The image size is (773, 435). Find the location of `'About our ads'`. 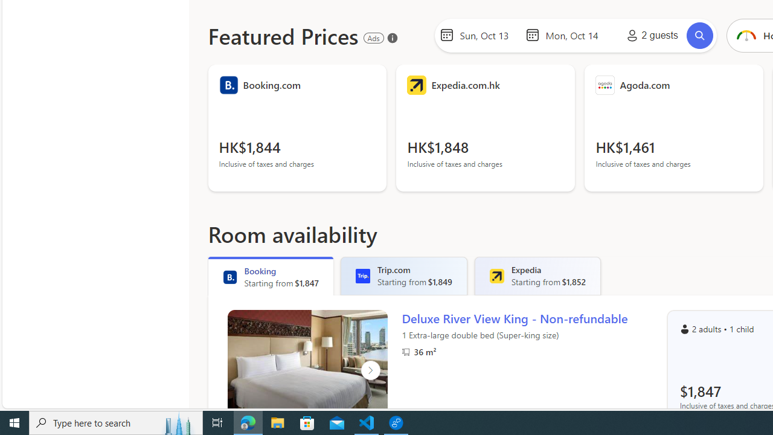

'About our ads' is located at coordinates (392, 37).